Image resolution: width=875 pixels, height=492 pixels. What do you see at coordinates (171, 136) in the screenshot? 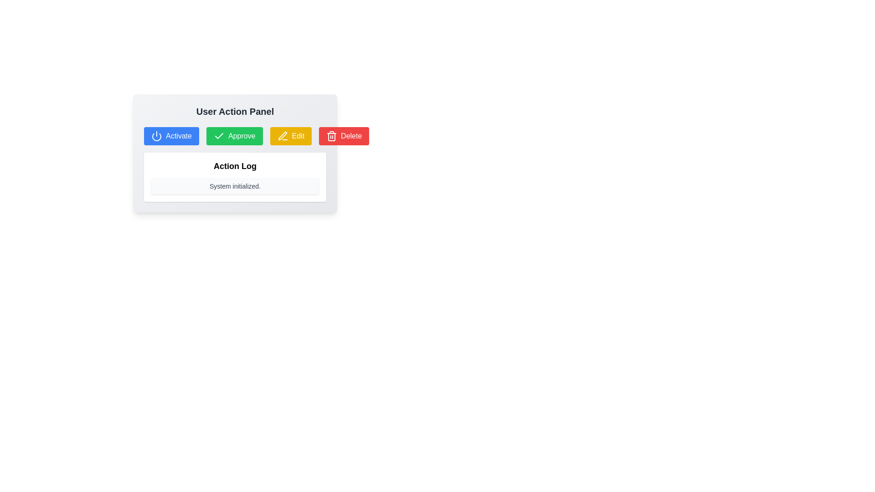
I see `the 'Activate' button` at bounding box center [171, 136].